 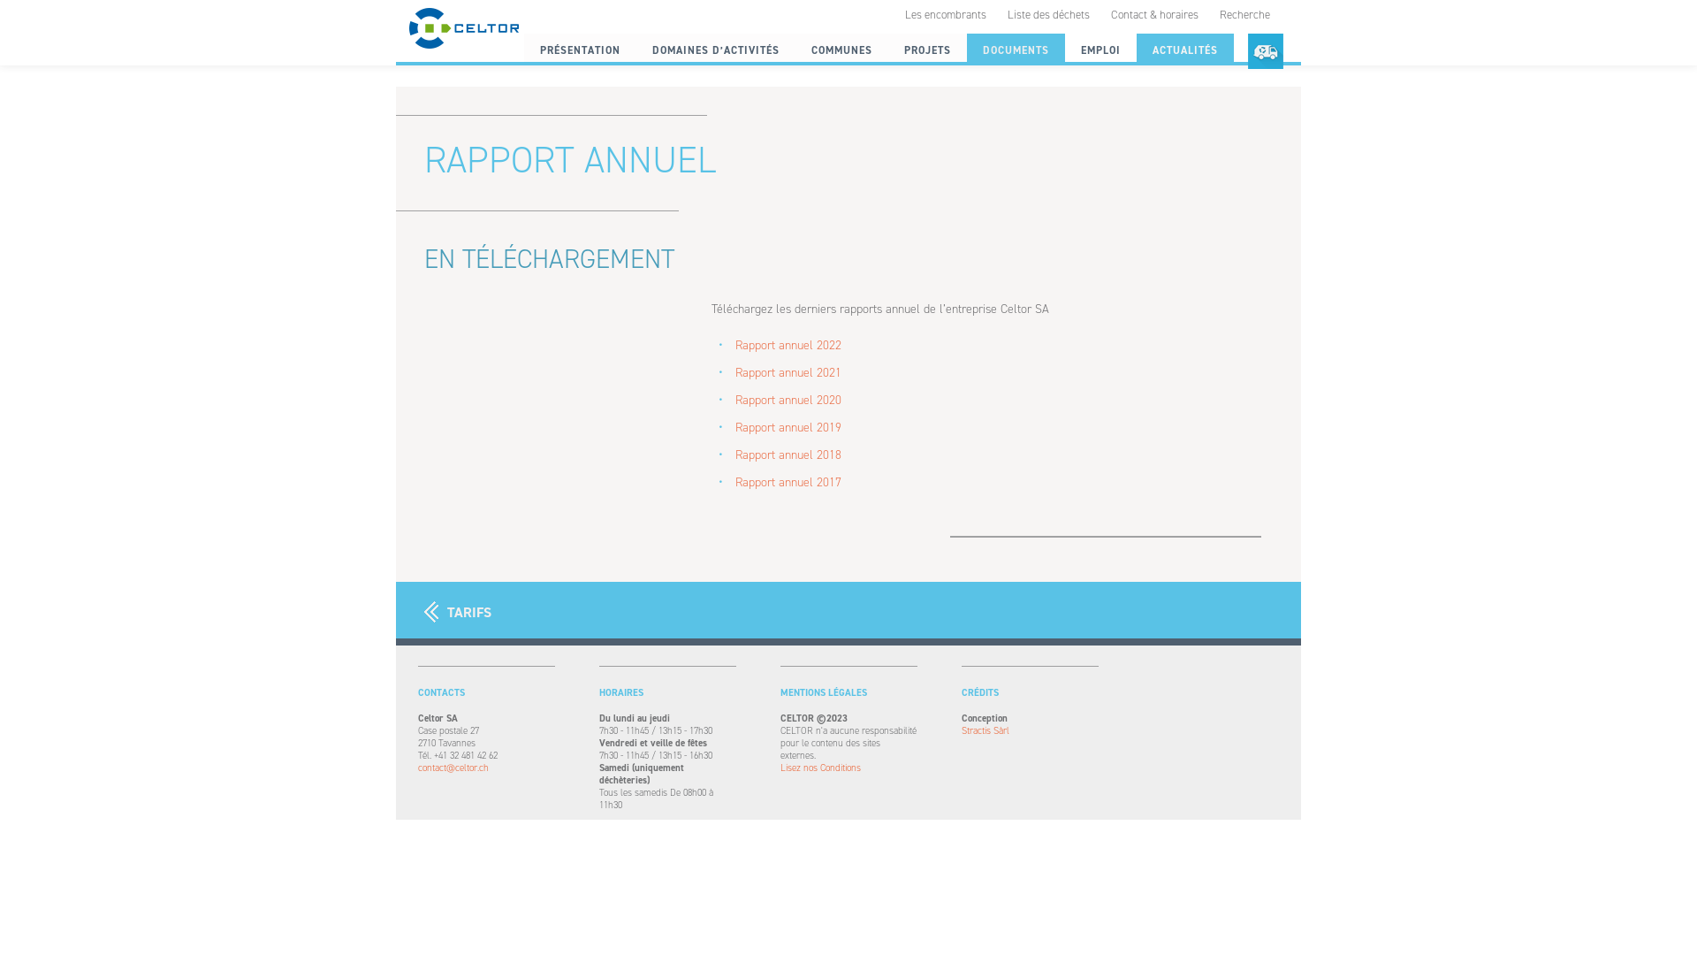 I want to click on 'Rapport annuel 2017', so click(x=788, y=482).